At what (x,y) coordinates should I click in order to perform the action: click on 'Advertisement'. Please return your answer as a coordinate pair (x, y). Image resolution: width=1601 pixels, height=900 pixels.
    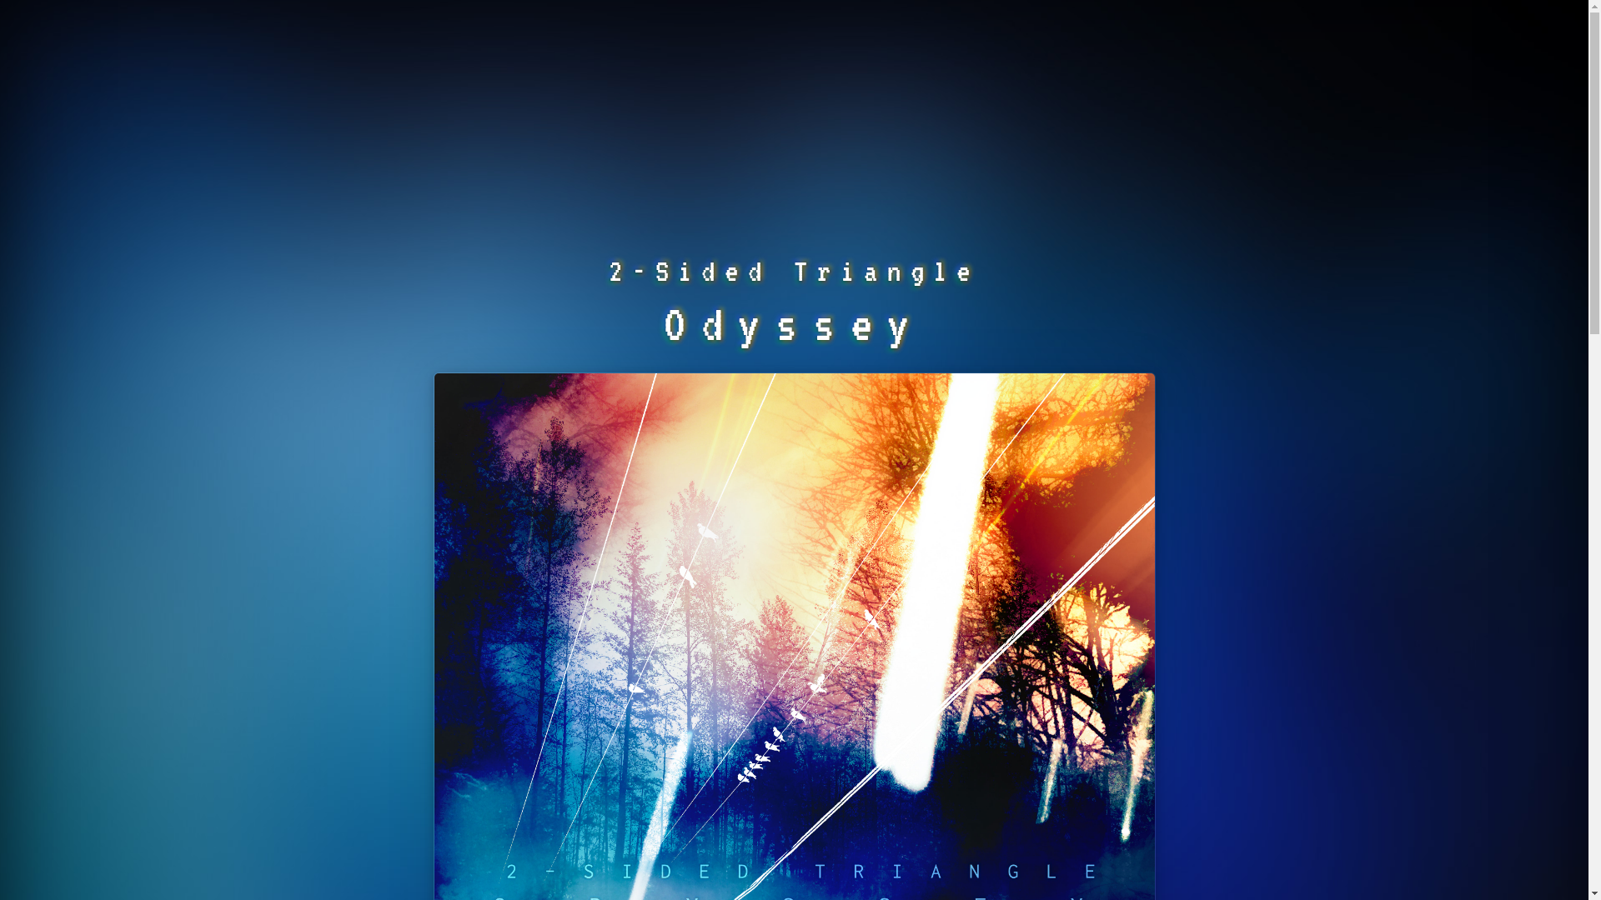
    Looking at the image, I should click on (792, 115).